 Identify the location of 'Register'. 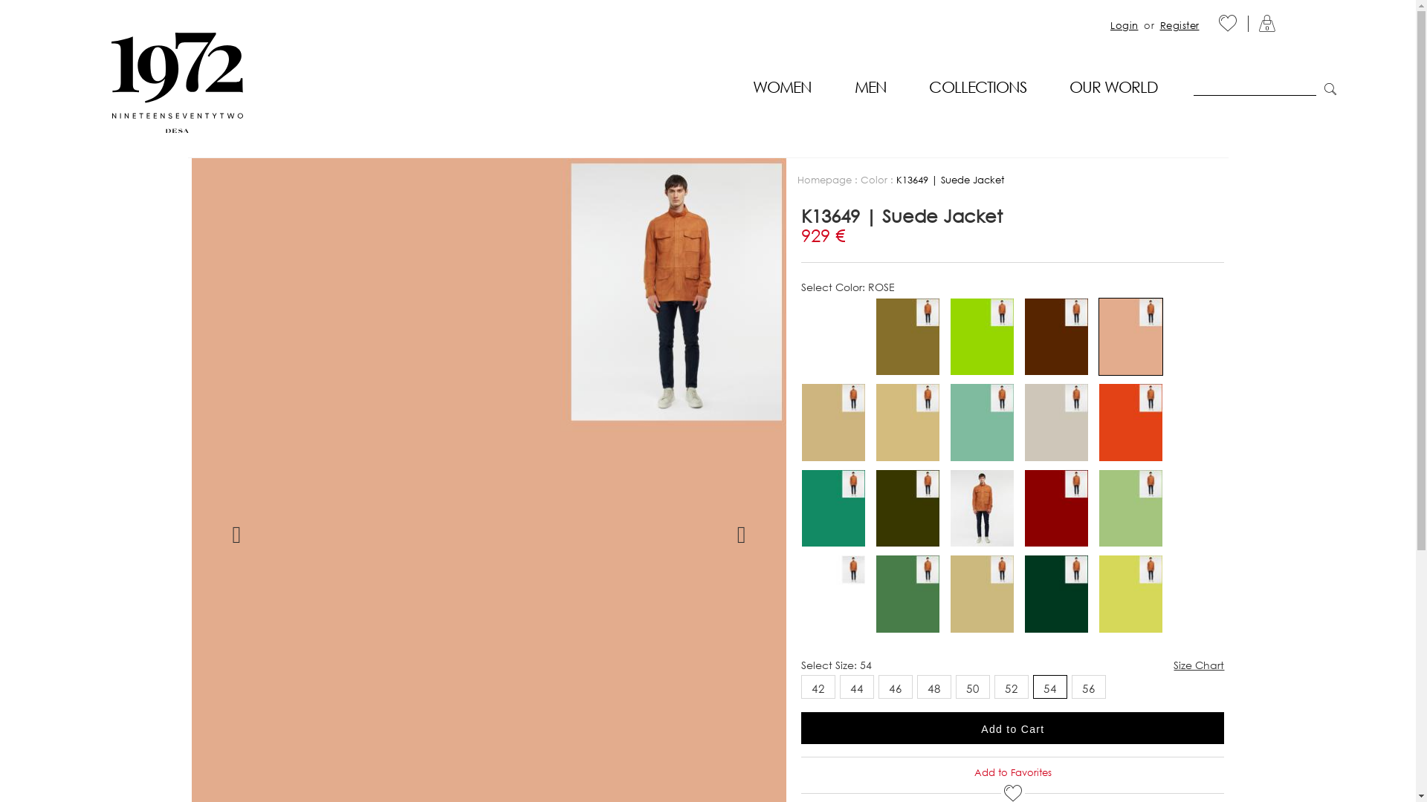
(1159, 25).